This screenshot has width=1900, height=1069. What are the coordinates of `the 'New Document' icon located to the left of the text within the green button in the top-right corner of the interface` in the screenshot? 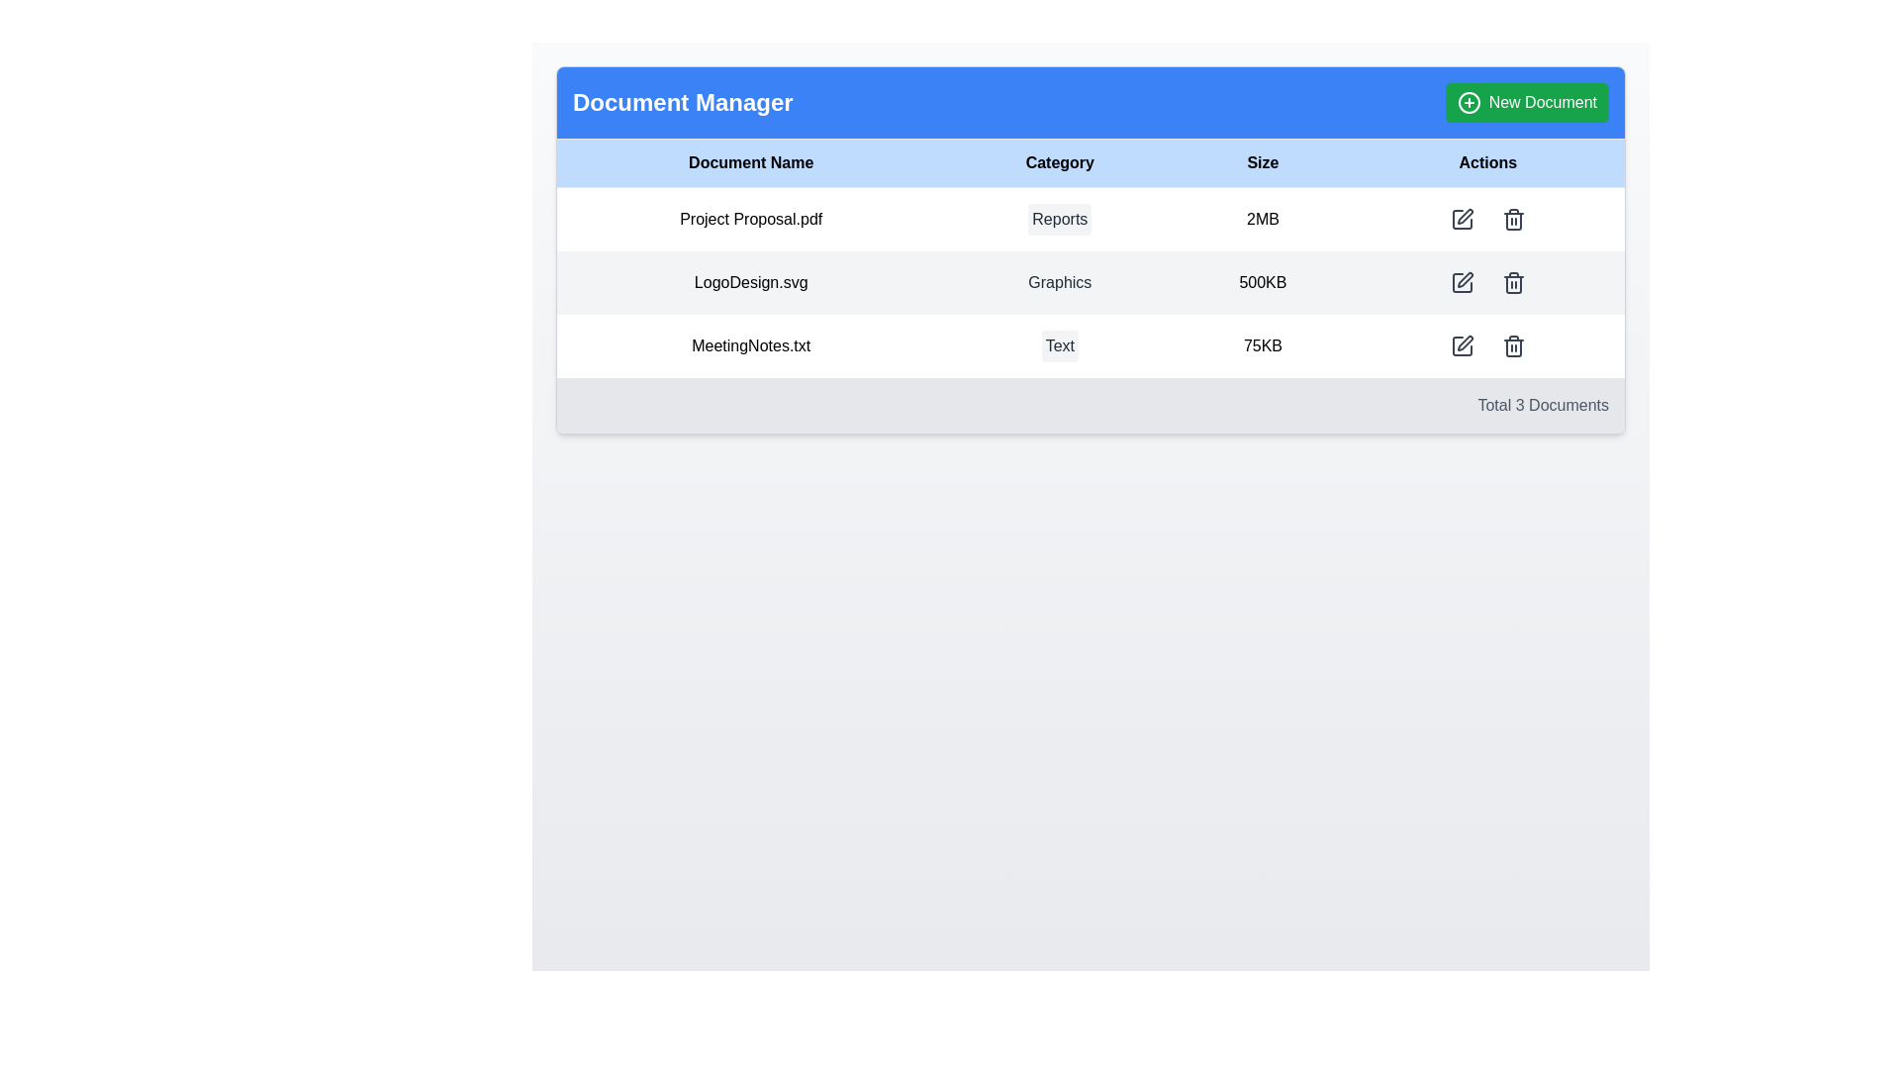 It's located at (1468, 103).